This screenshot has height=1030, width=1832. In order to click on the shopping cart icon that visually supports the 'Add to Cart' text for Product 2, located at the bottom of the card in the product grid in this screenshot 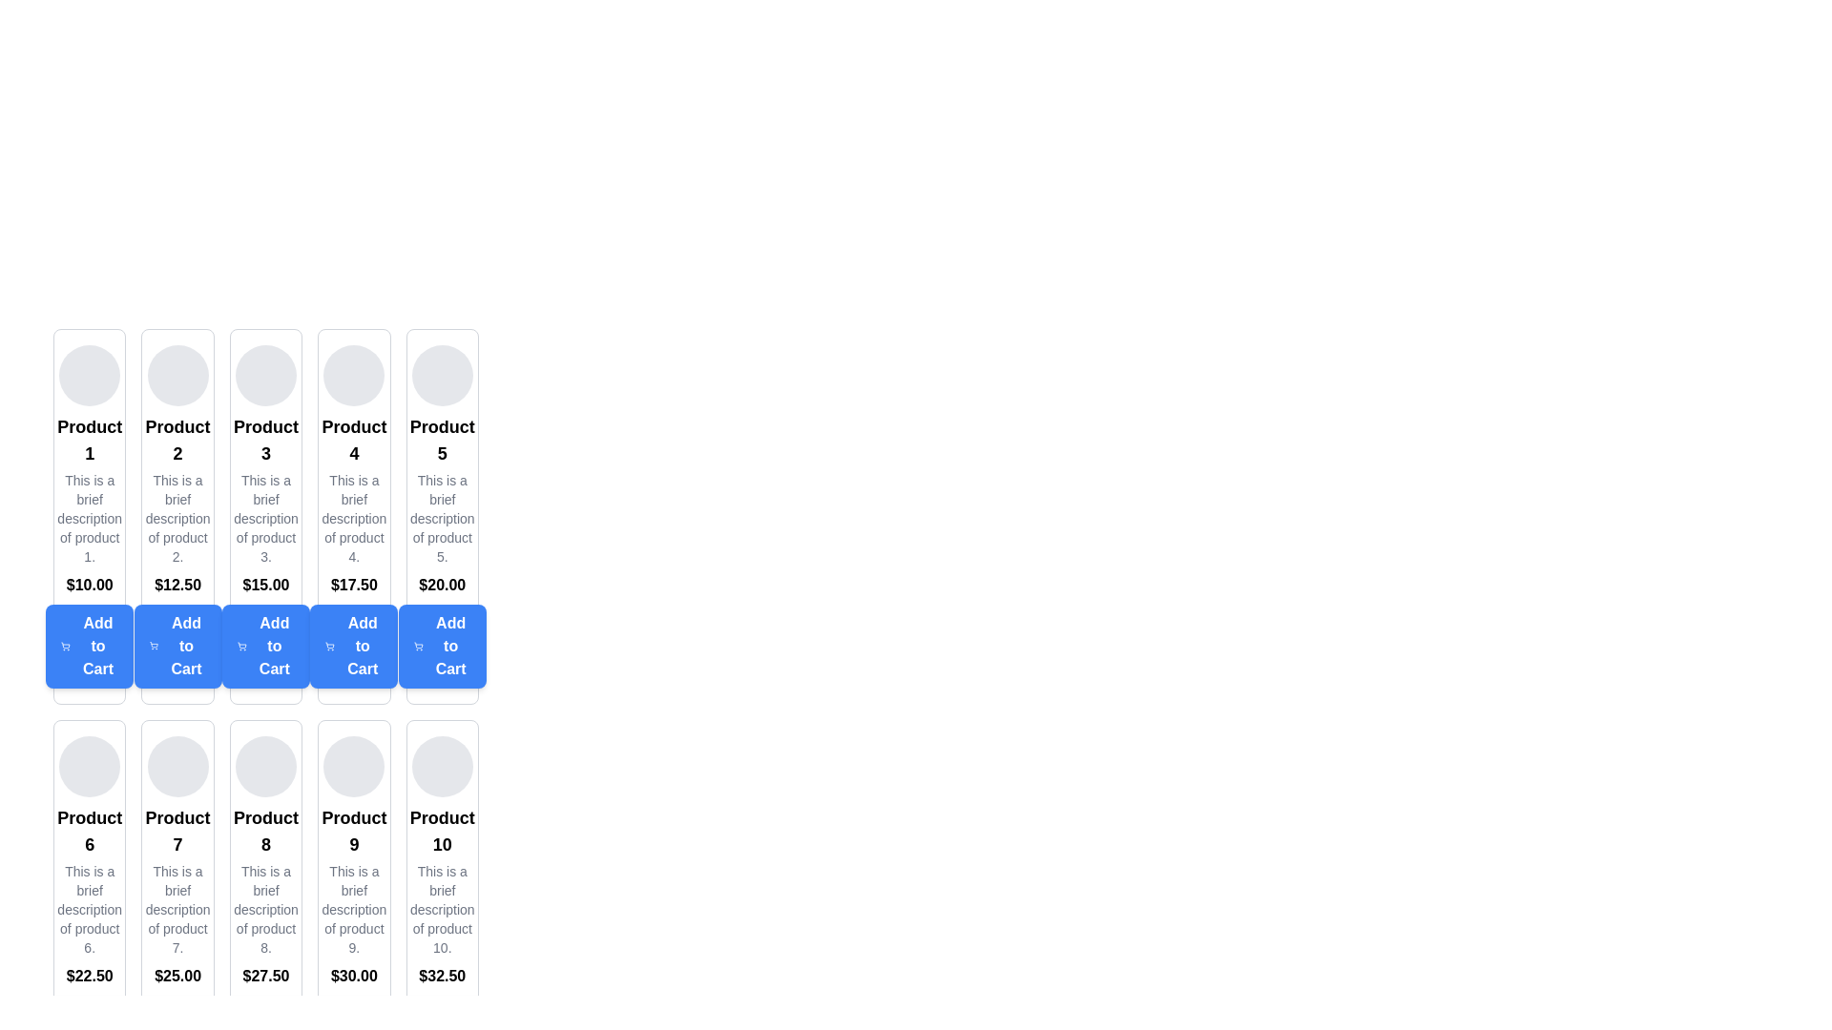, I will do `click(154, 646)`.